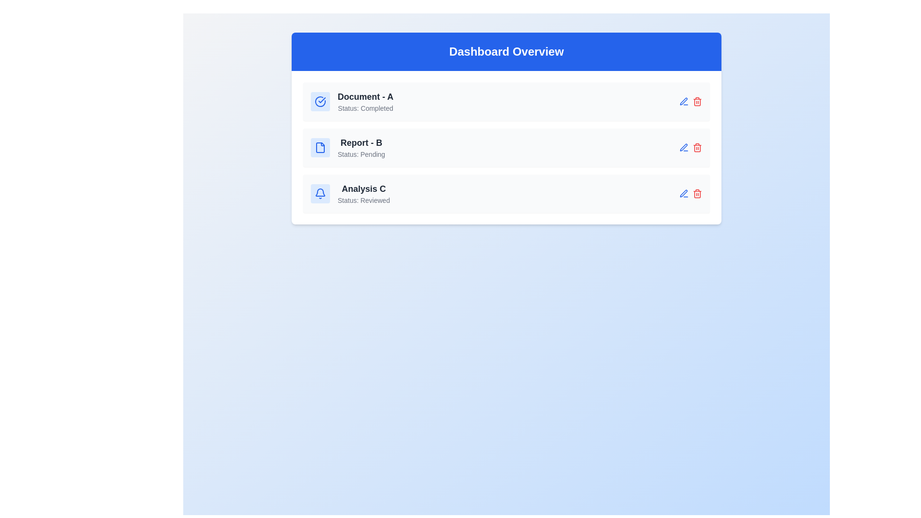 The width and height of the screenshot is (921, 518). What do you see at coordinates (320, 194) in the screenshot?
I see `the blue bell icon with a light blue rounded square background, located in the lower part of the list within the 'Dashboard Overview' card, to the left of 'Analysis C' and beneath 'Report - B'` at bounding box center [320, 194].